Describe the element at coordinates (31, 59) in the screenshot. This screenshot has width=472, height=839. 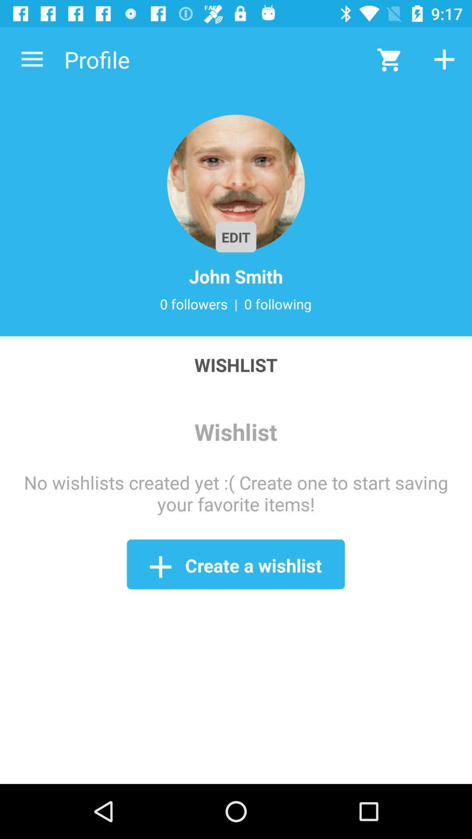
I see `the icon next to the profile icon` at that location.